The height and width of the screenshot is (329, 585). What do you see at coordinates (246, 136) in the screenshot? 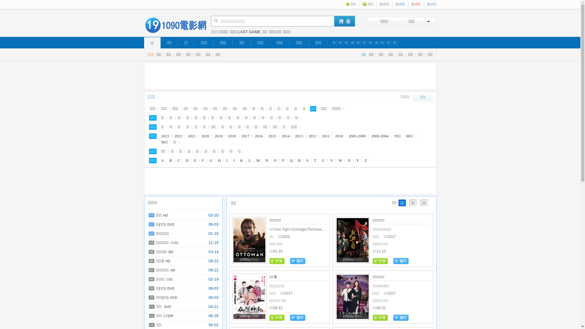
I see `'2017'` at bounding box center [246, 136].